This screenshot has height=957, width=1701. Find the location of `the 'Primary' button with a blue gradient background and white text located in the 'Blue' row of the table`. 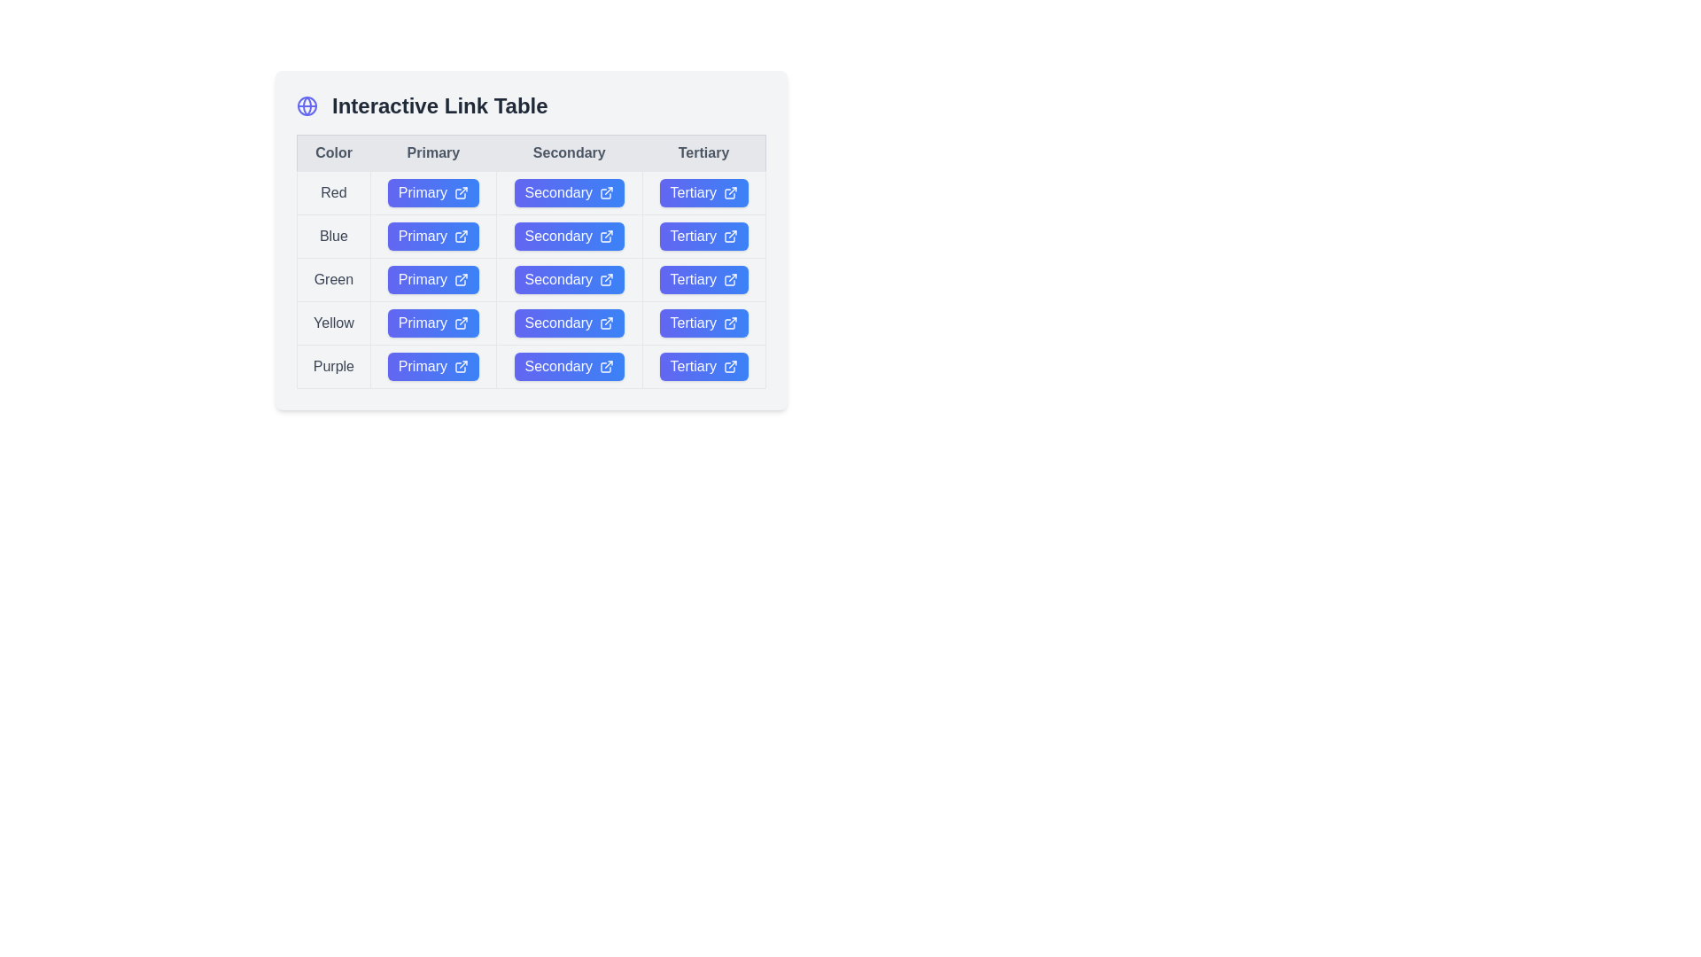

the 'Primary' button with a blue gradient background and white text located in the 'Blue' row of the table is located at coordinates (433, 235).